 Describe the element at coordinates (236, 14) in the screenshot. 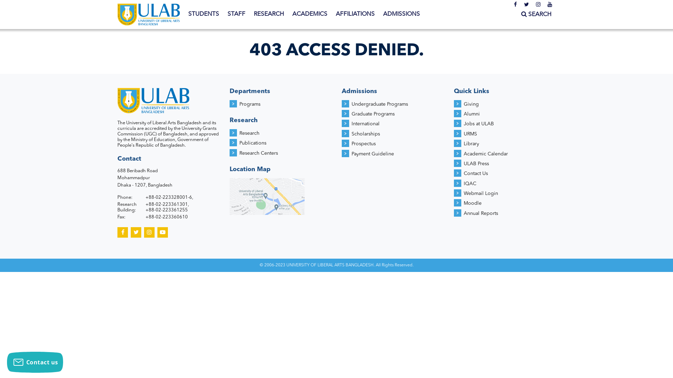

I see `'STAFF'` at that location.